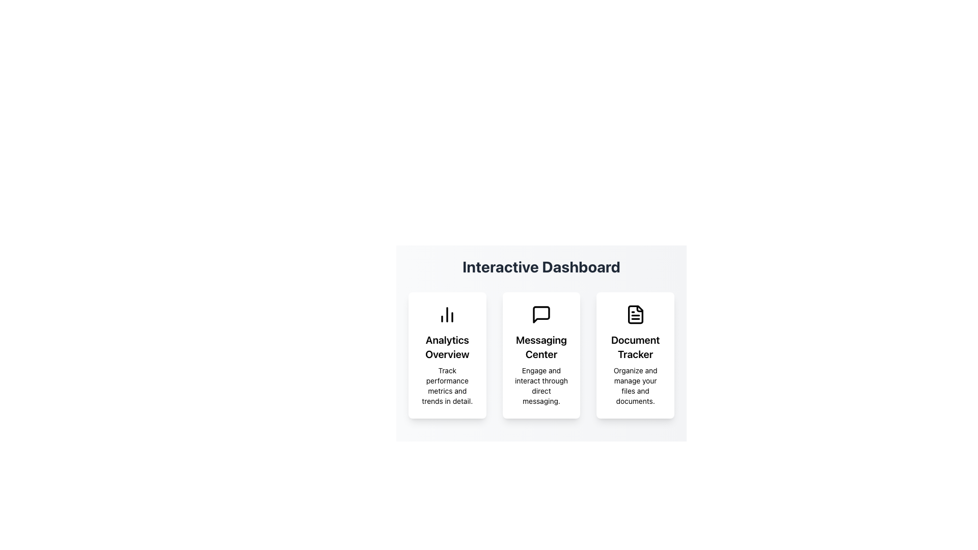 This screenshot has height=550, width=978. I want to click on the bar chart icon located at the top-center of the 'Analytics Overview' card, which features three vertical bars of varying heights arranged in ascending order, so click(447, 314).